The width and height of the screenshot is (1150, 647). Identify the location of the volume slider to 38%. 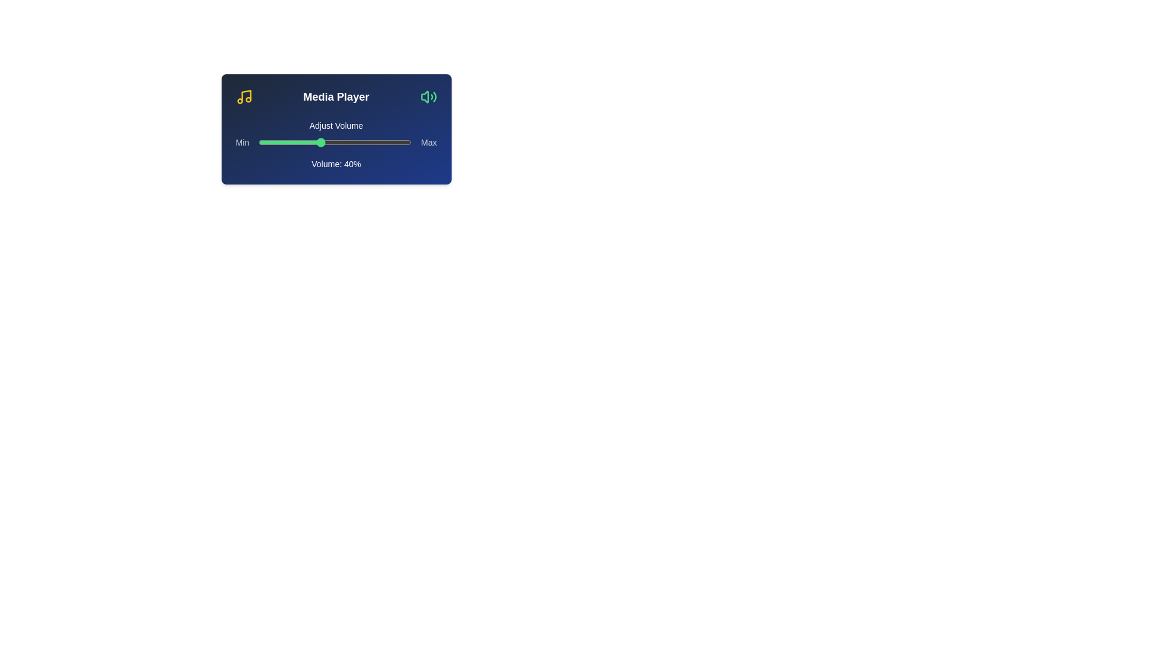
(316, 142).